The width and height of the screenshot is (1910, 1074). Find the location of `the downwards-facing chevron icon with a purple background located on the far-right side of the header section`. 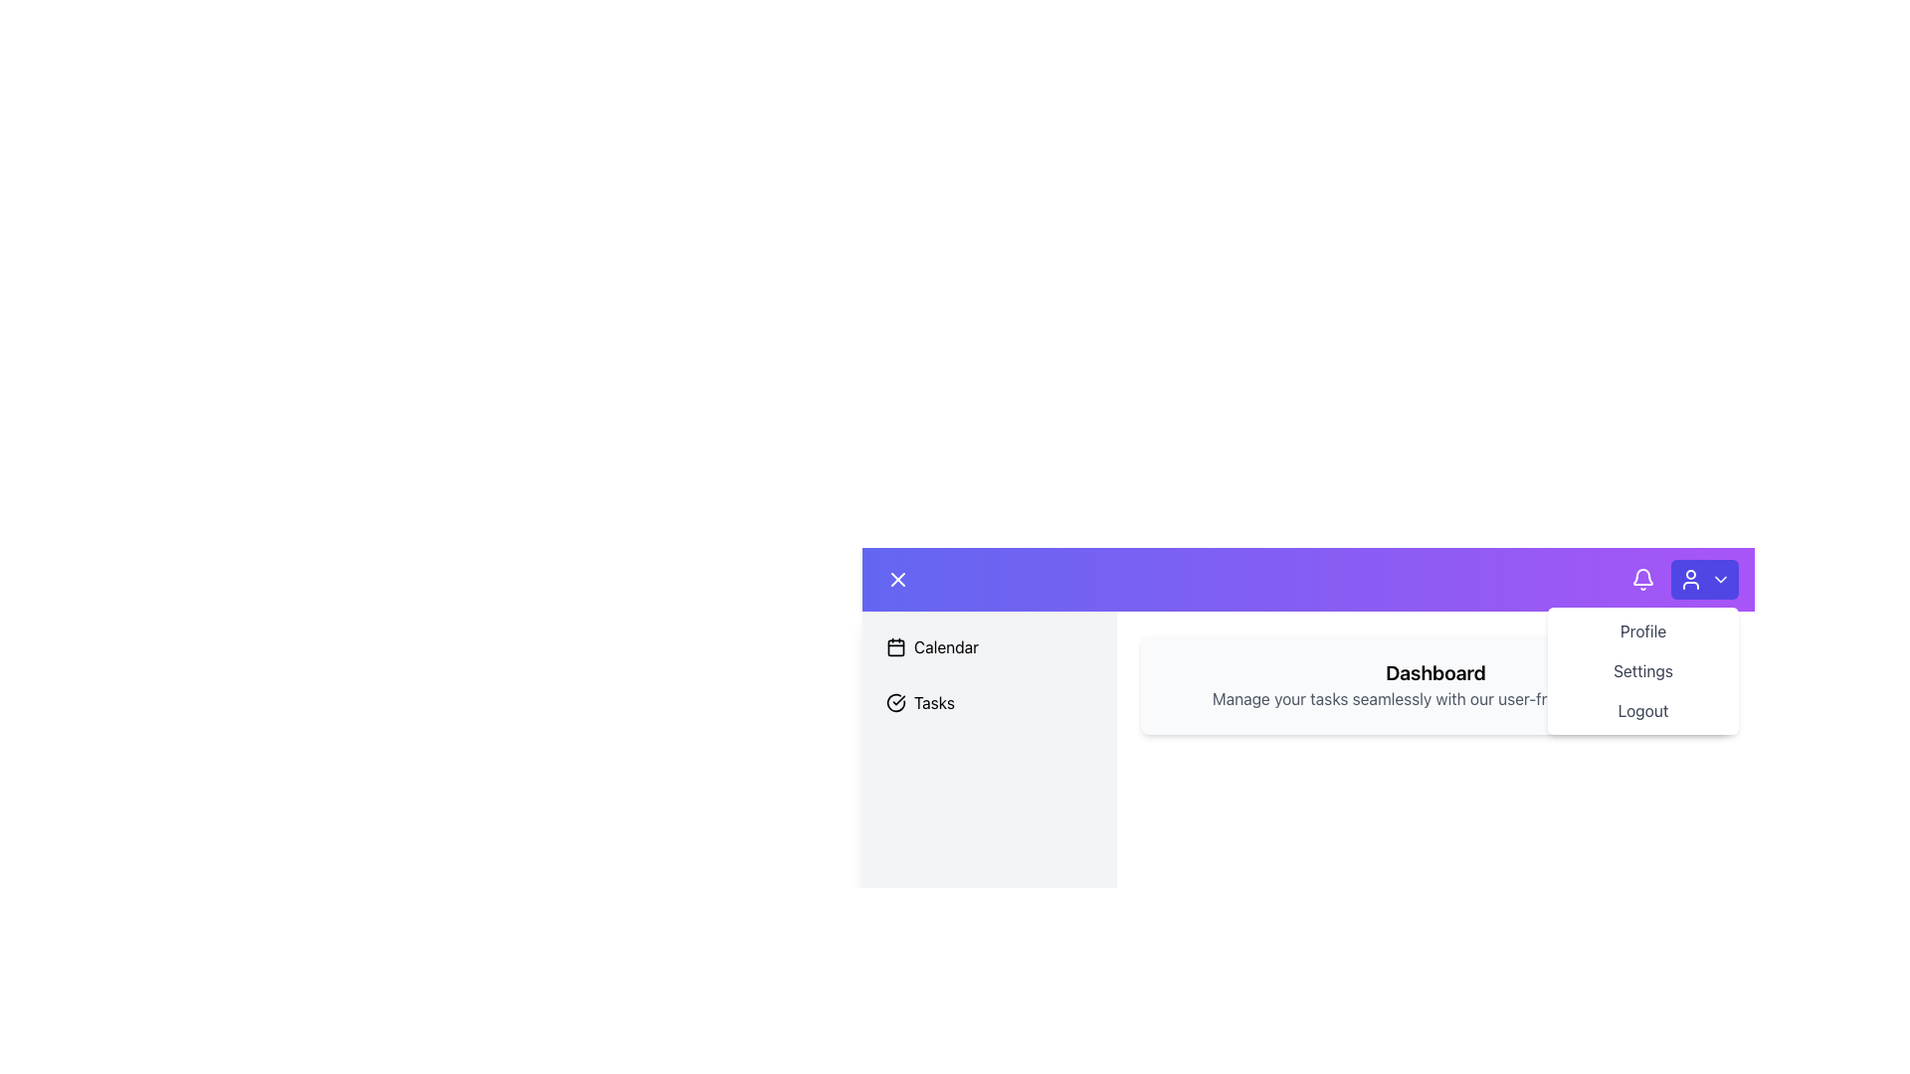

the downwards-facing chevron icon with a purple background located on the far-right side of the header section is located at coordinates (1719, 579).